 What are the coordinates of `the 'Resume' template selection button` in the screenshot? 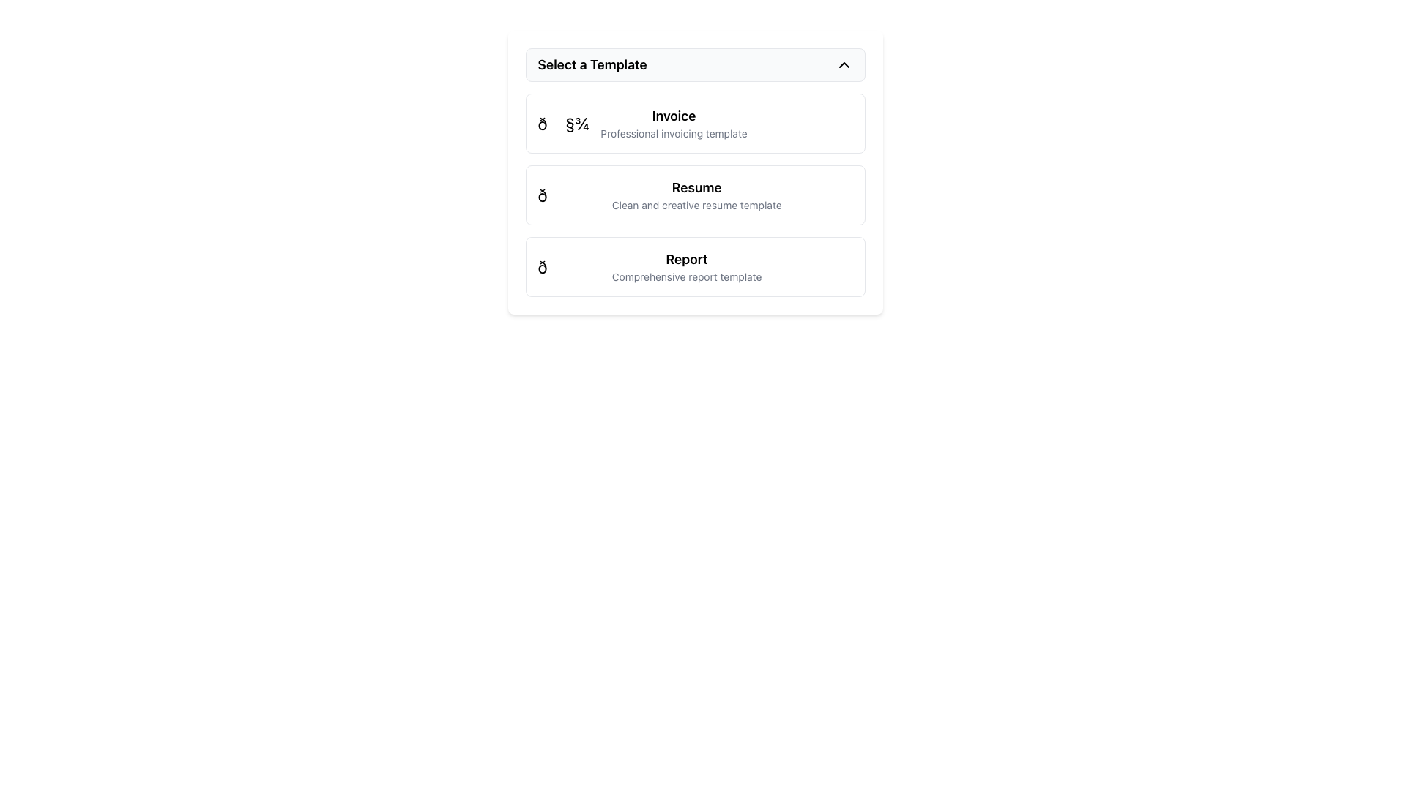 It's located at (694, 171).